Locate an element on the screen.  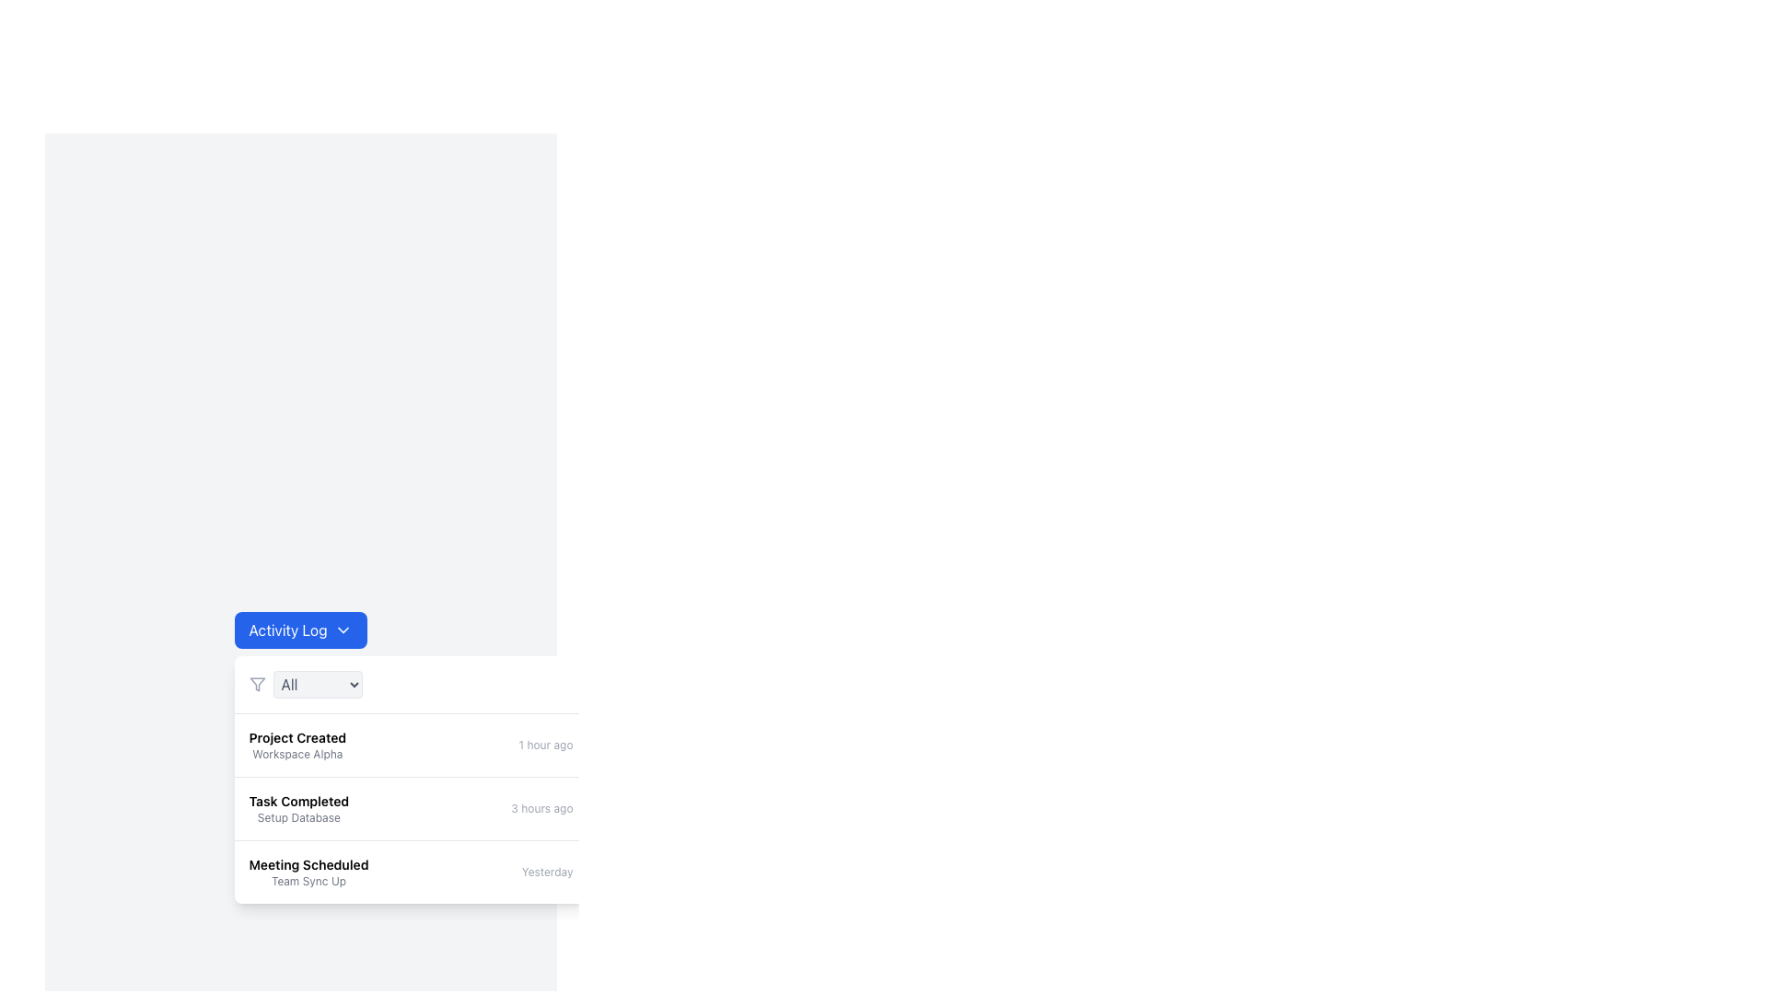
the text label displaying 'Task Completed', which is part of a vertically-stacked timeline in a dropdown panel is located at coordinates (298, 801).